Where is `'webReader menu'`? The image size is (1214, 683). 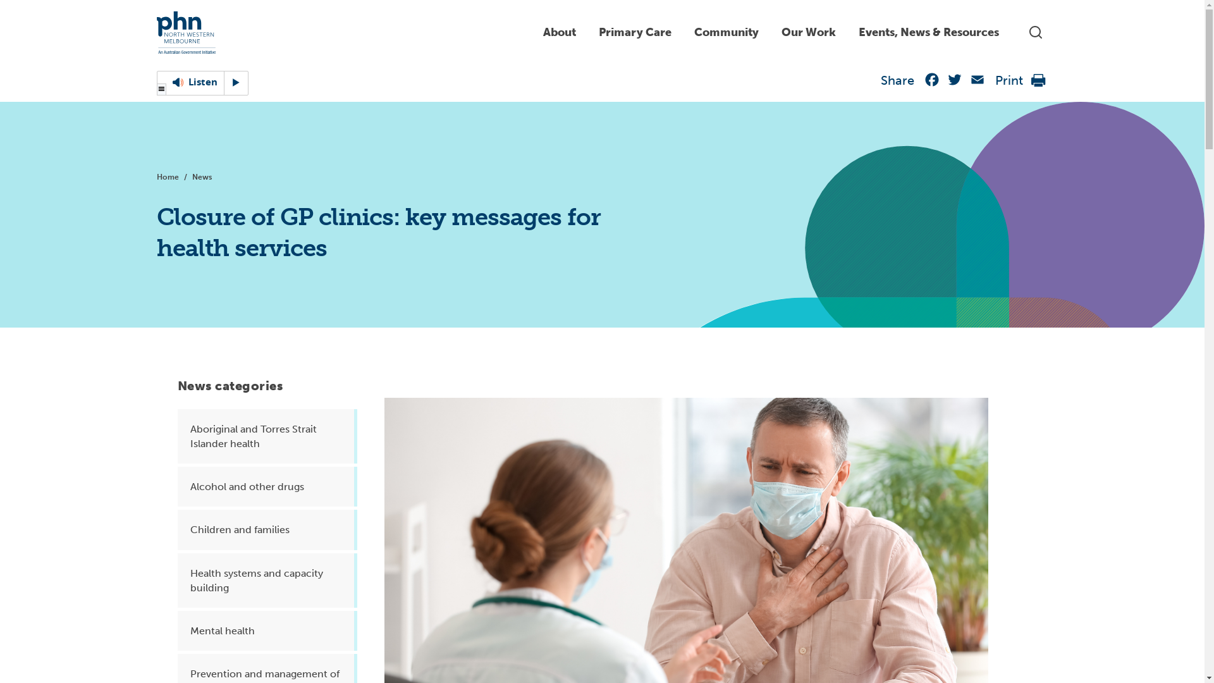
'webReader menu' is located at coordinates (161, 89).